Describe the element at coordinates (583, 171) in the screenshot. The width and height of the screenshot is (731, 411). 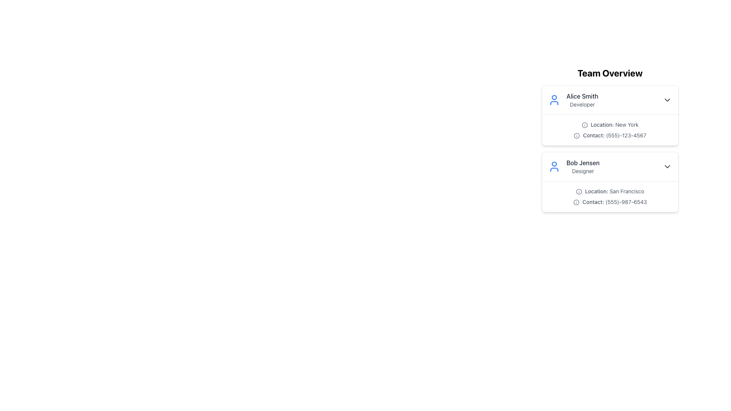
I see `the non-interactive text label indicating the role or title associated with 'Bob Jensen' located in the second card of the 'Team Overview' section` at that location.